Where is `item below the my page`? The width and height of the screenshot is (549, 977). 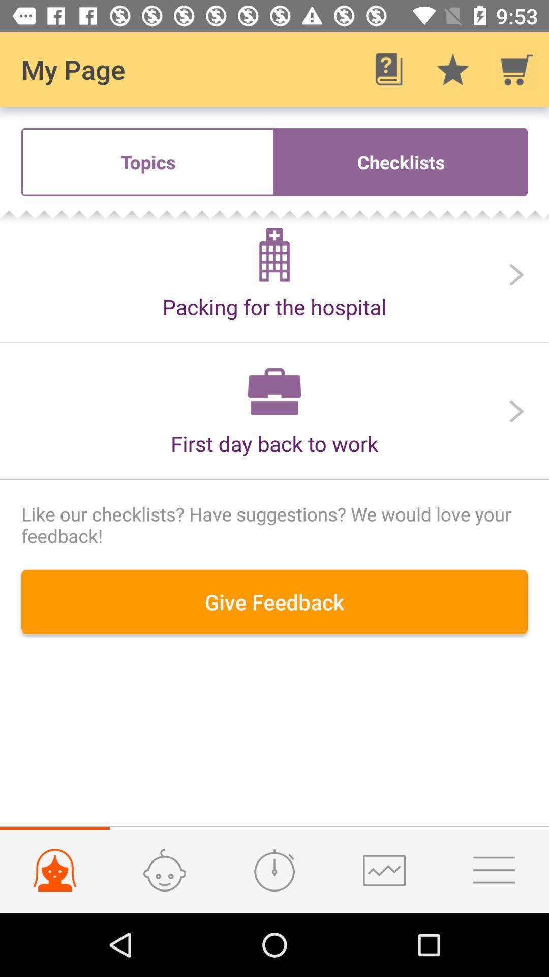 item below the my page is located at coordinates (147, 161).